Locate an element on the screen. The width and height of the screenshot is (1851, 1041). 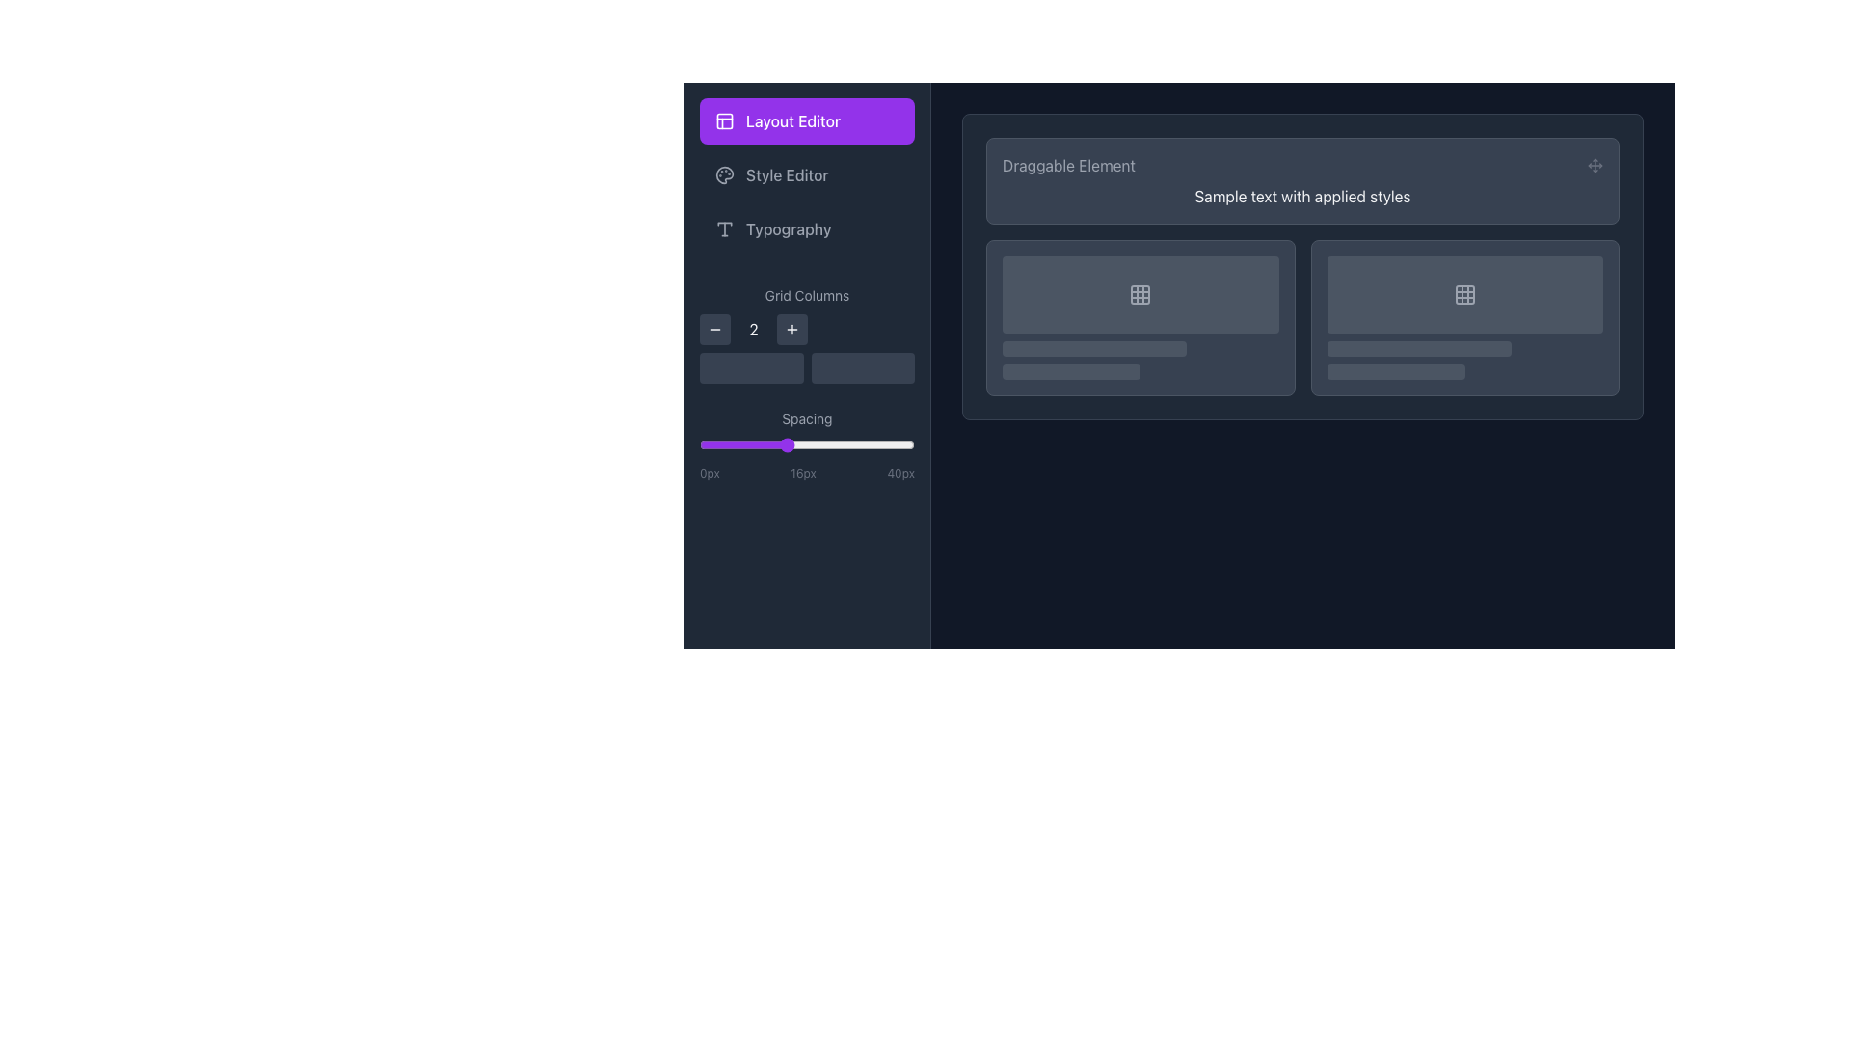
the static text element displaying '0px', which is styled in light gray and is the first among three horizontally aligned text items is located at coordinates (709, 474).